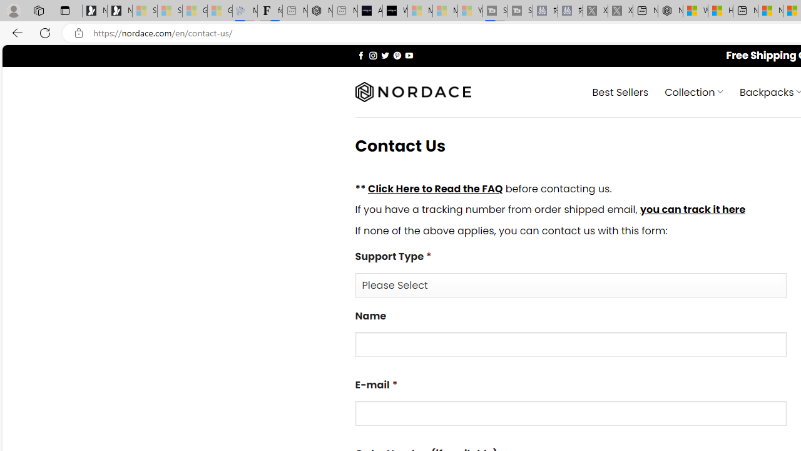  I want to click on 'Follow on Pinterest', so click(396, 54).